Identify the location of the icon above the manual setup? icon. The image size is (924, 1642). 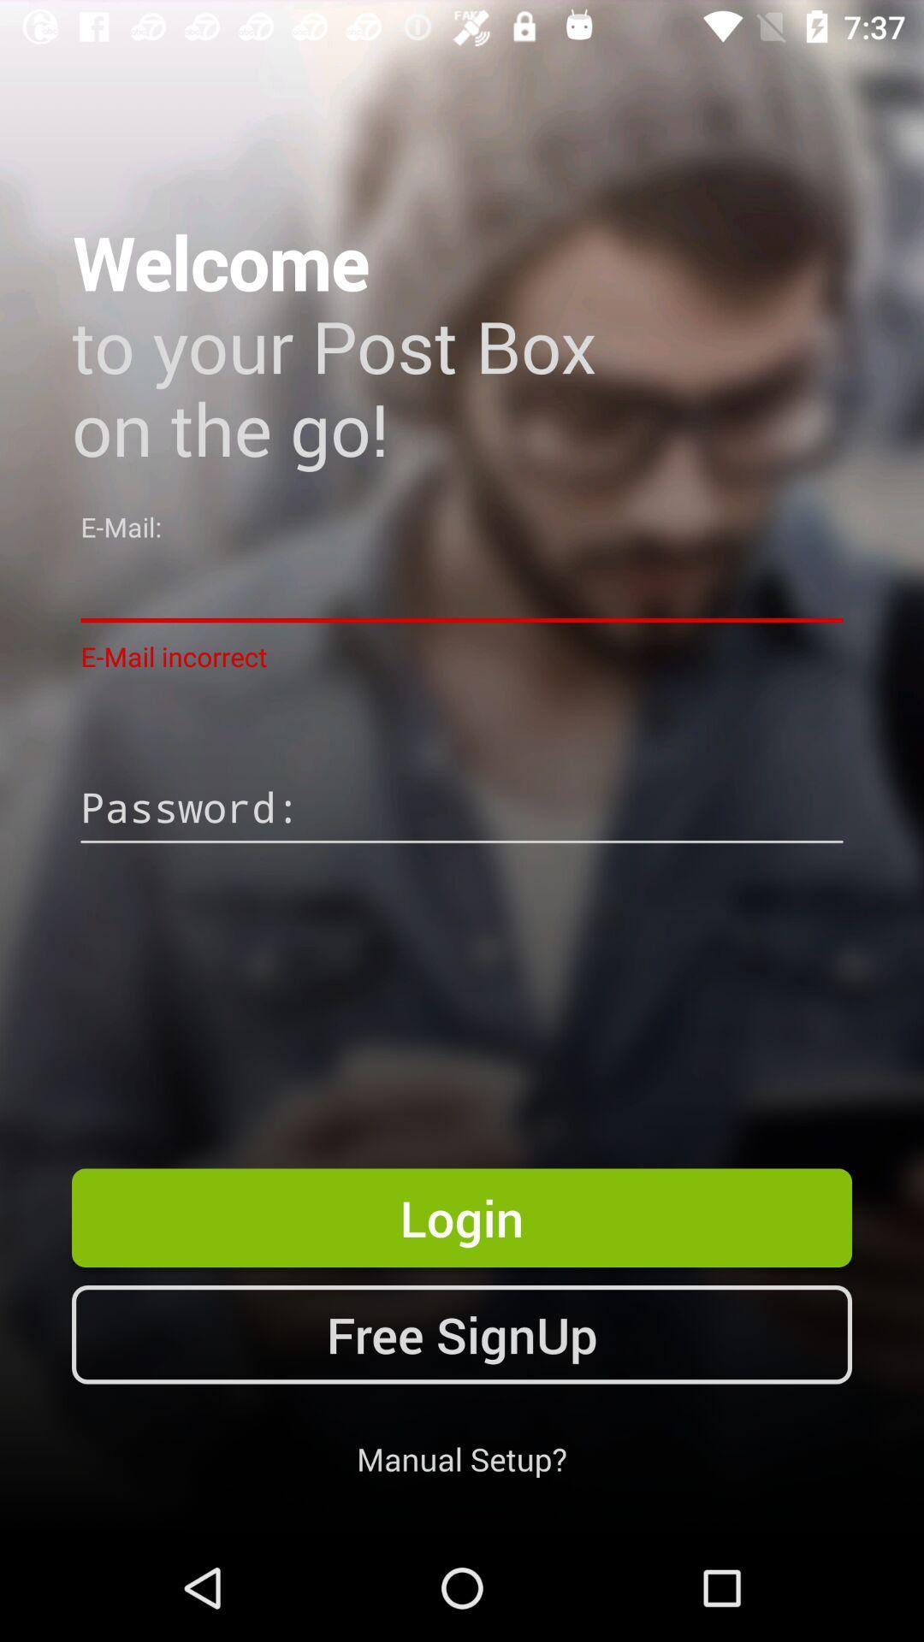
(462, 1333).